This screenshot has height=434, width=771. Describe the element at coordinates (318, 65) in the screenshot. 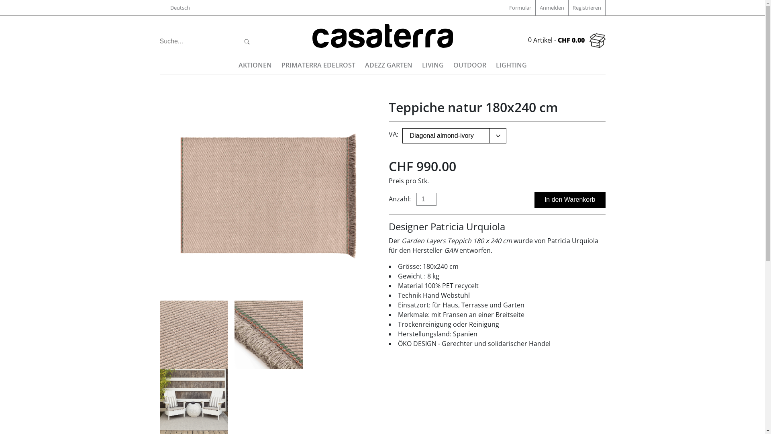

I see `'PRIMATERRA EDELROST'` at that location.